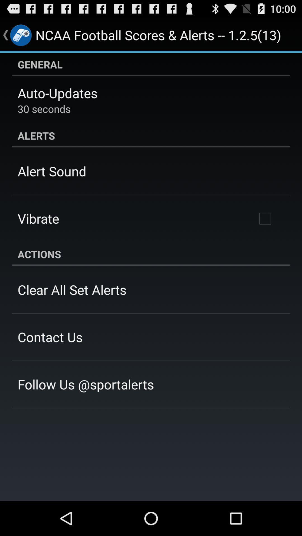 The height and width of the screenshot is (536, 302). I want to click on the clear all set item, so click(72, 289).